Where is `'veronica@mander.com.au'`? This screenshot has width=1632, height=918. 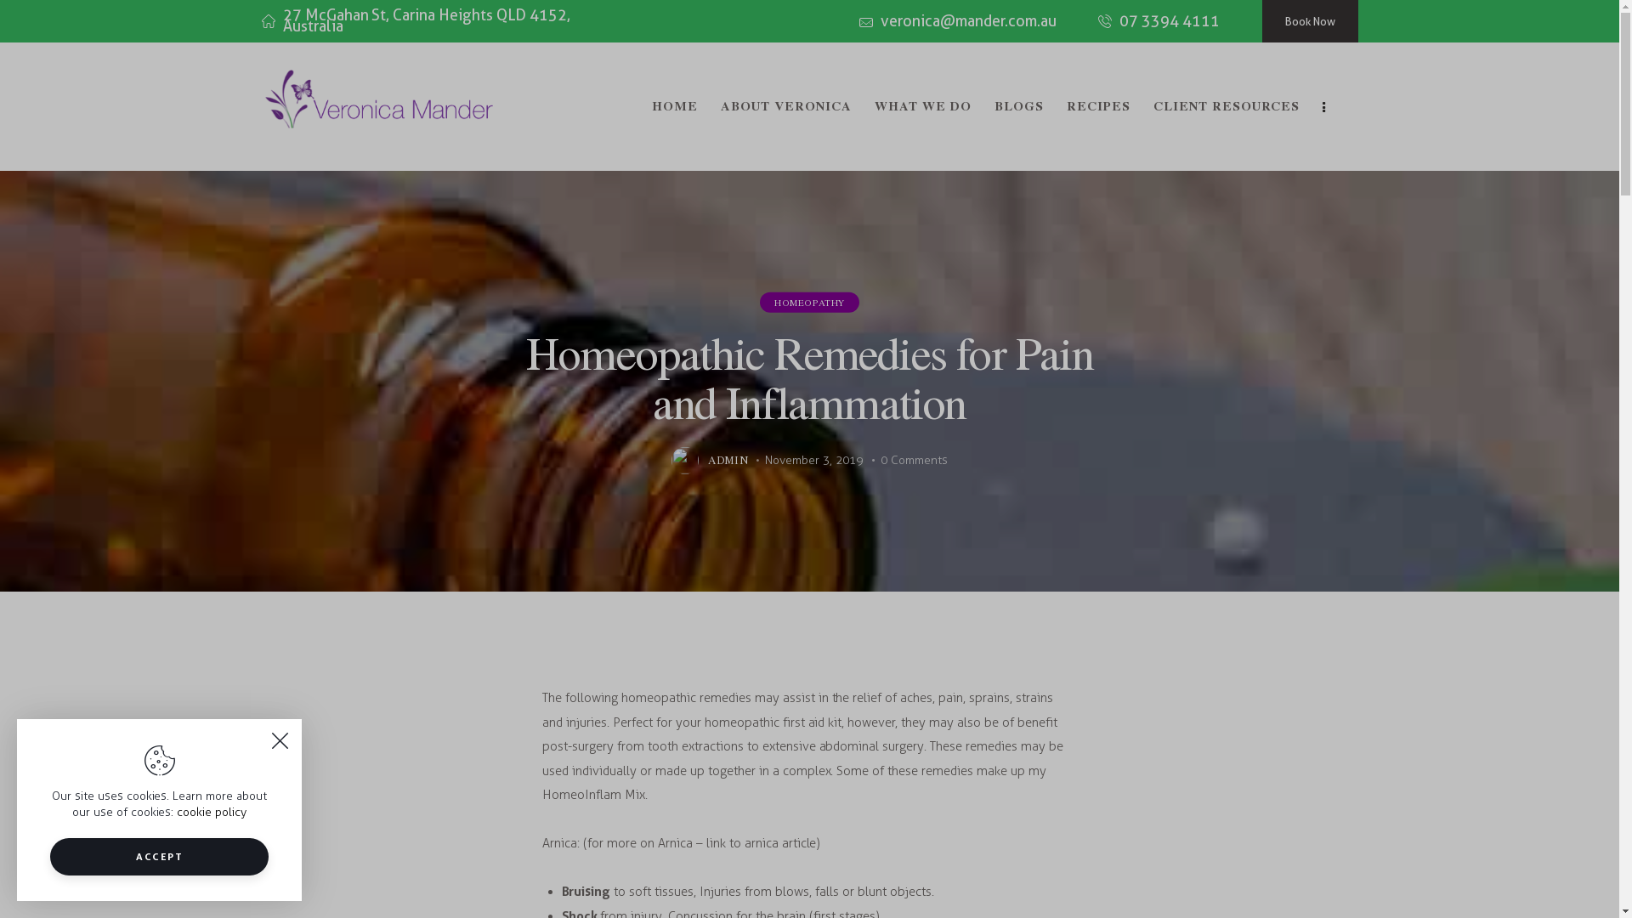
'veronica@mander.com.au' is located at coordinates (958, 20).